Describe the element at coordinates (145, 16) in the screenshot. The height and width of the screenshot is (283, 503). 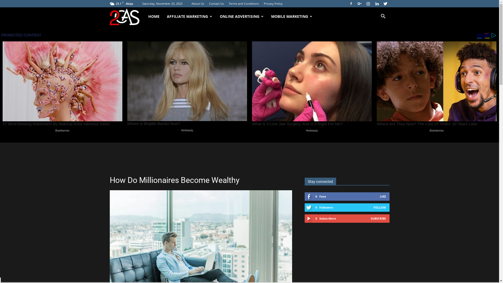
I see `'HOME'` at that location.